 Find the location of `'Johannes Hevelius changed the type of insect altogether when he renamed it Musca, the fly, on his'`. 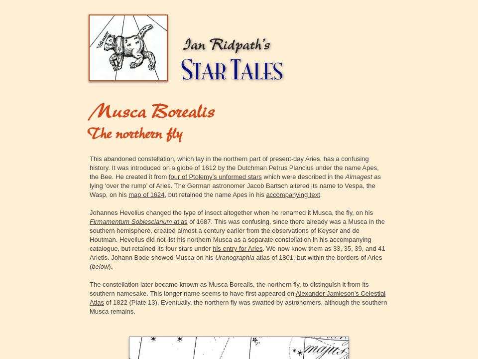

'Johannes Hevelius changed the type of insect altogether when he renamed it Musca, the fly, on his' is located at coordinates (89, 212).